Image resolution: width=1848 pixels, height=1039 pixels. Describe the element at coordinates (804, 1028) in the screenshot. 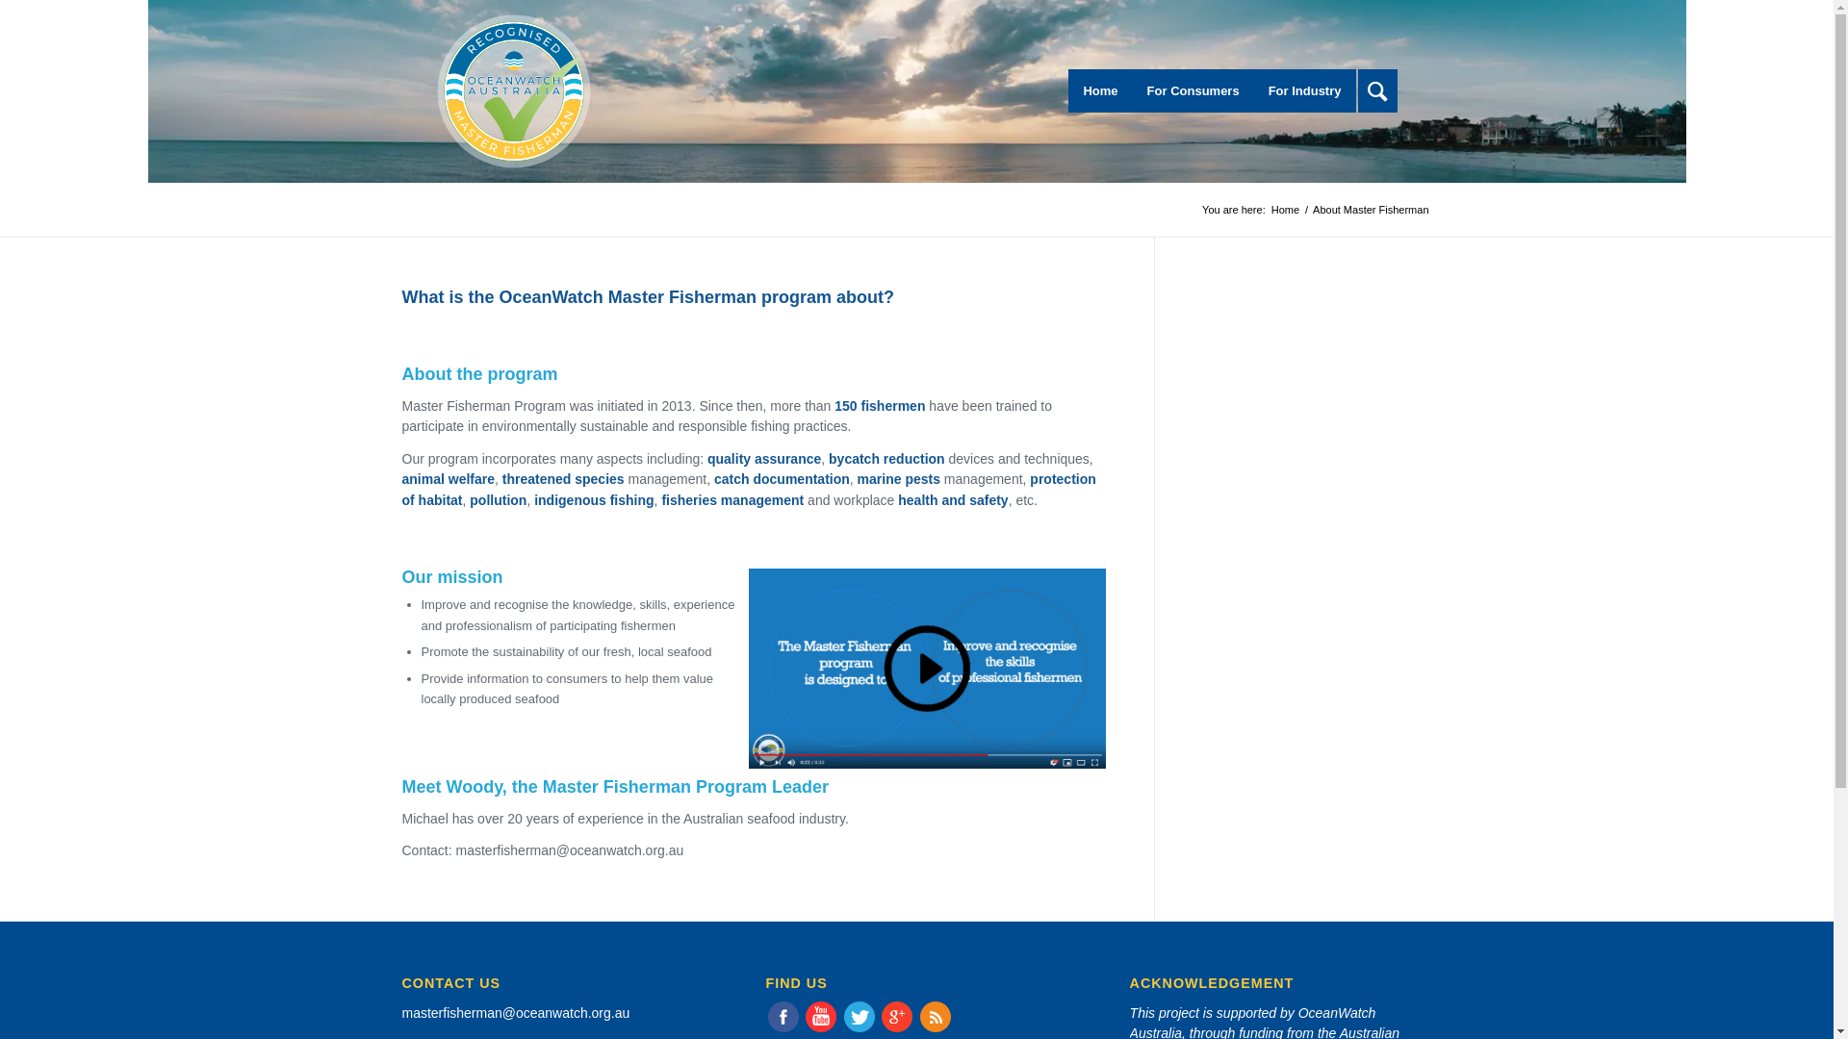

I see `'youtube'` at that location.